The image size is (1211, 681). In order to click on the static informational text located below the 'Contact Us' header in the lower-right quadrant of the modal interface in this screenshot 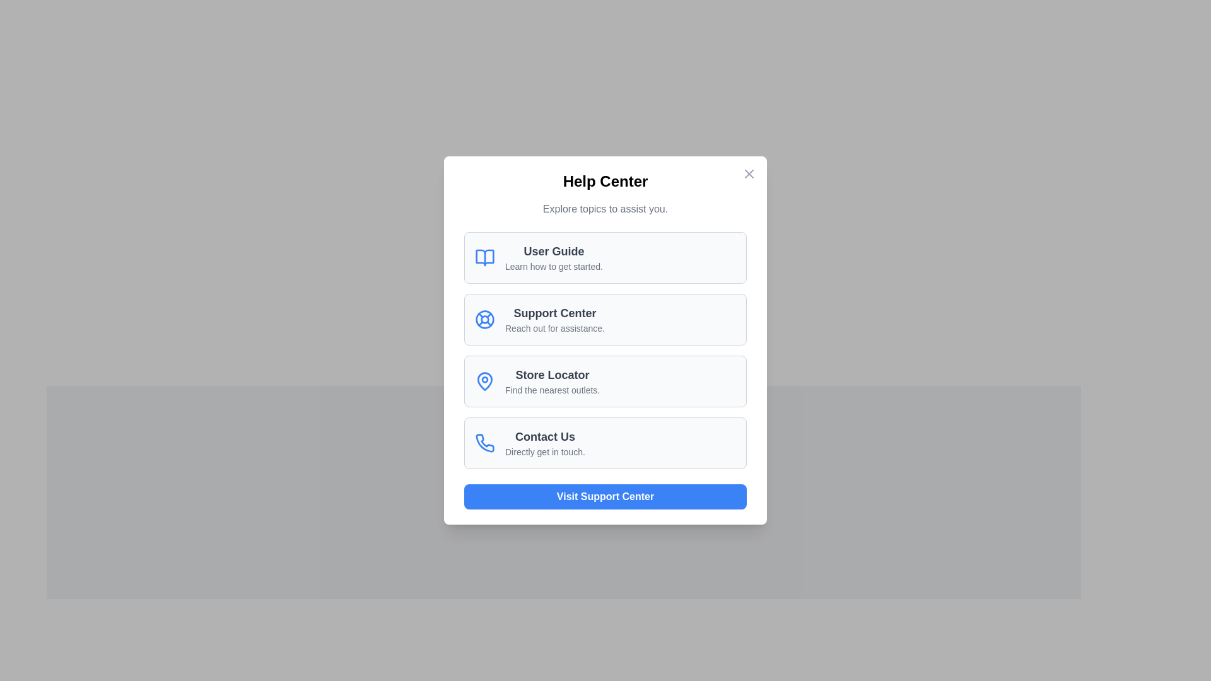, I will do `click(545, 451)`.